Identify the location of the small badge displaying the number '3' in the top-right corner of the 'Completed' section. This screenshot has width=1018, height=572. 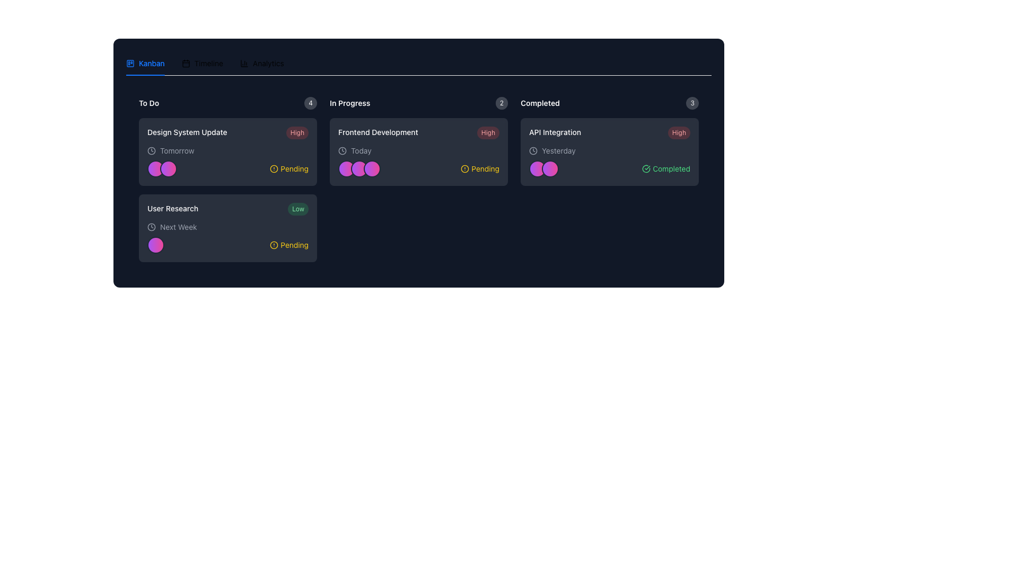
(692, 103).